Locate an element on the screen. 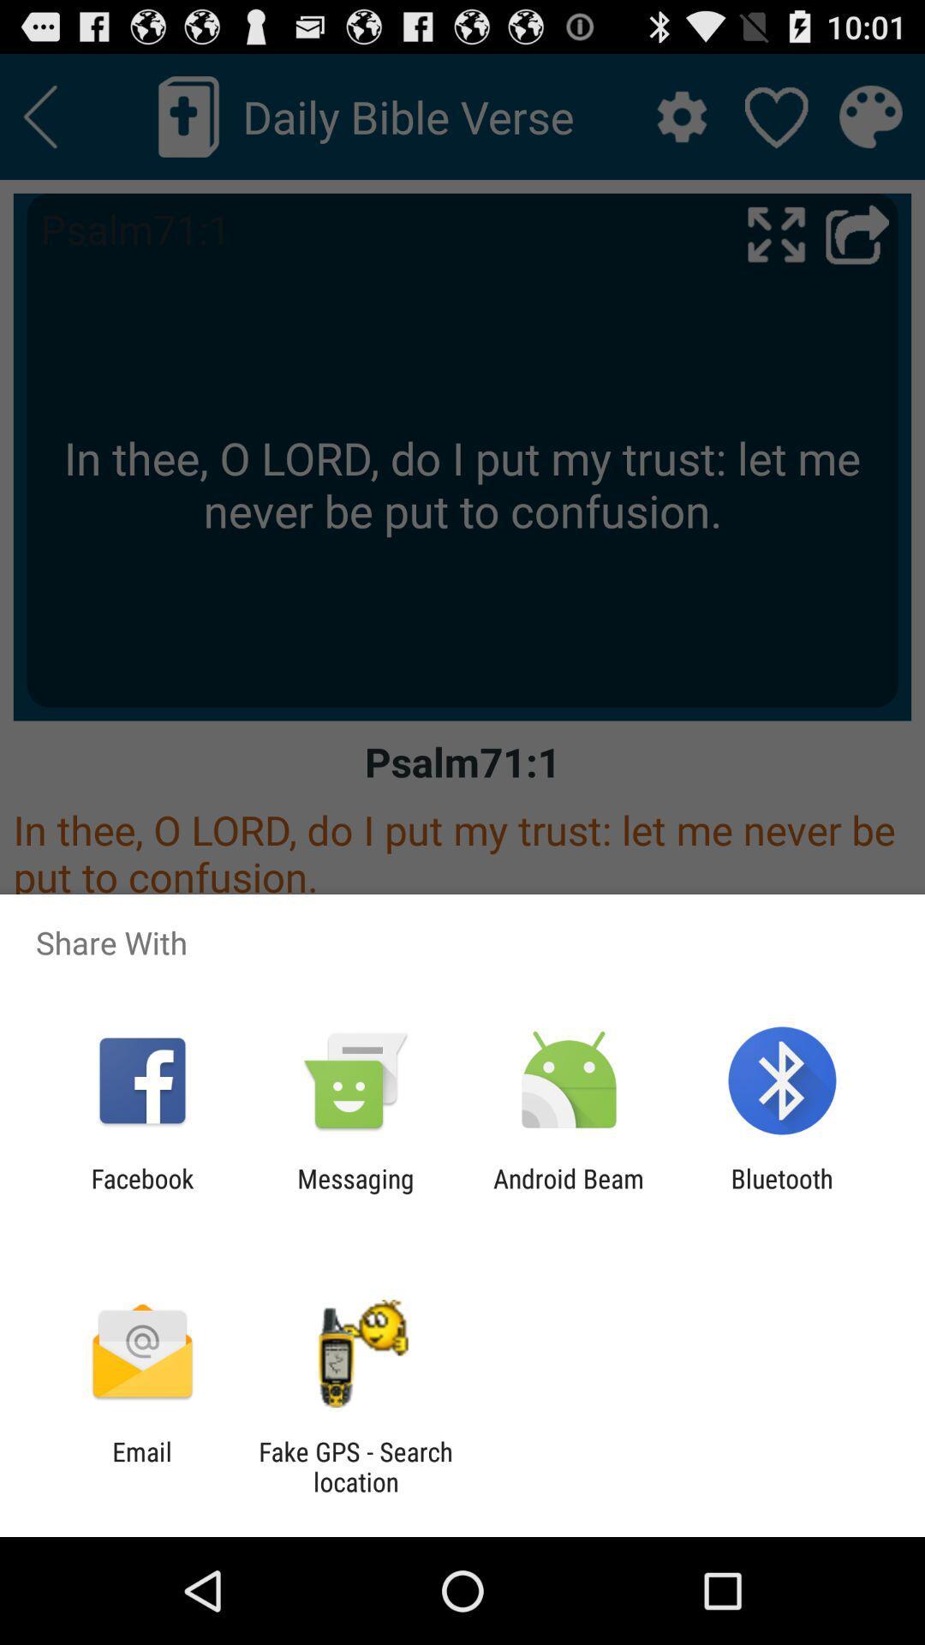 The height and width of the screenshot is (1645, 925). the facebook item is located at coordinates (141, 1193).